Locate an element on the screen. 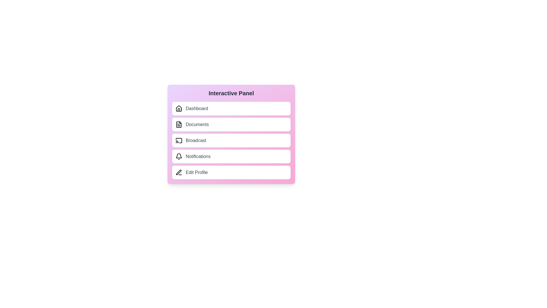 Image resolution: width=547 pixels, height=308 pixels. the list item labeled Edit Profile is located at coordinates (231, 172).